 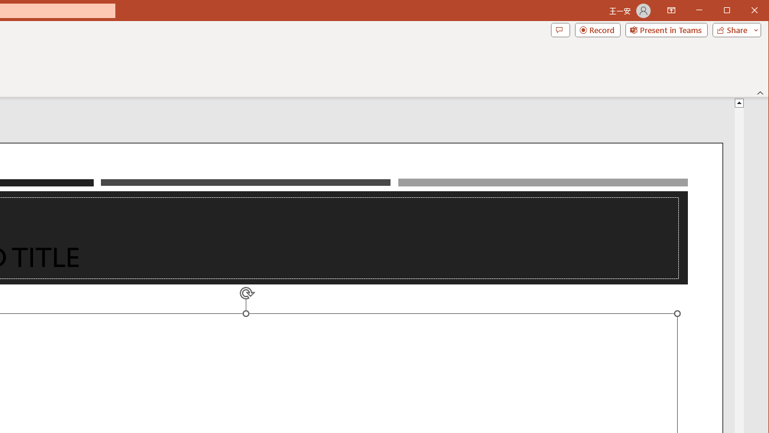 I want to click on 'Present in Teams', so click(x=666, y=29).